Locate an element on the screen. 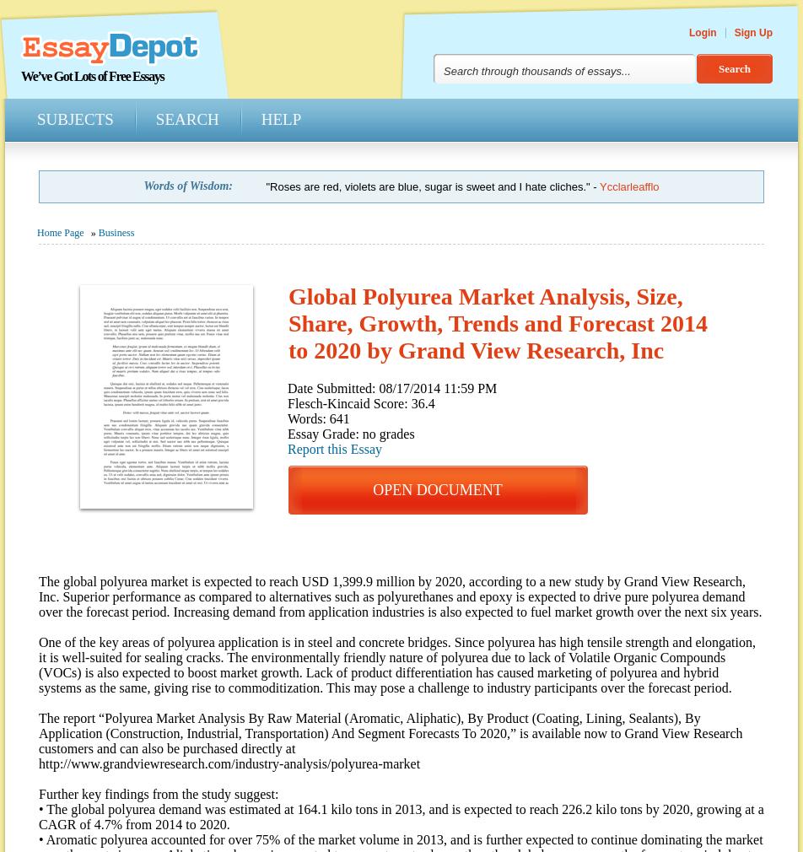  'Words: 641' is located at coordinates (318, 418).